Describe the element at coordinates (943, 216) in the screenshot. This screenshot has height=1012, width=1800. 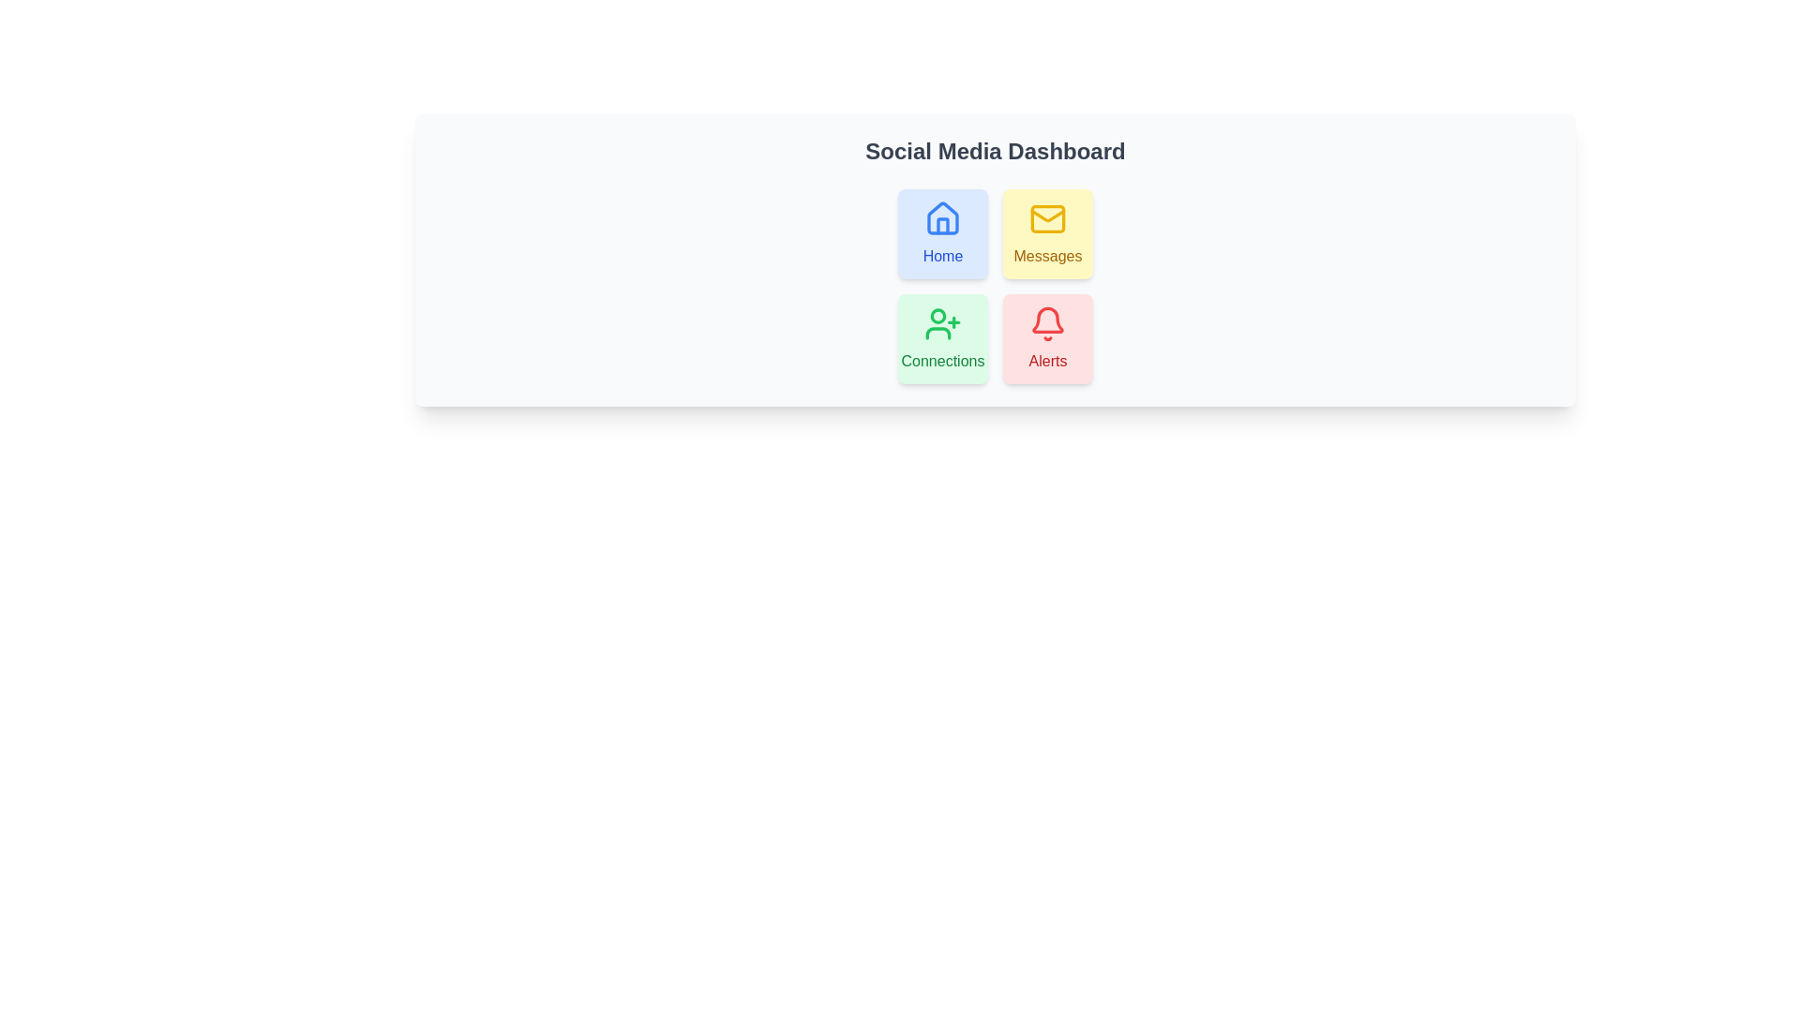
I see `the home icon located in the top-left quadrant of the dashboard section, which serves as a link to the homepage or dashboard overview` at that location.